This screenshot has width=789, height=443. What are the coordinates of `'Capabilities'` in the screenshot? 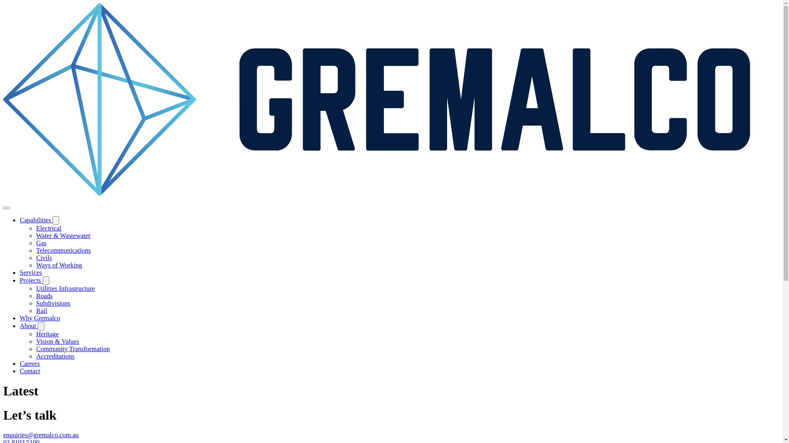 It's located at (35, 219).